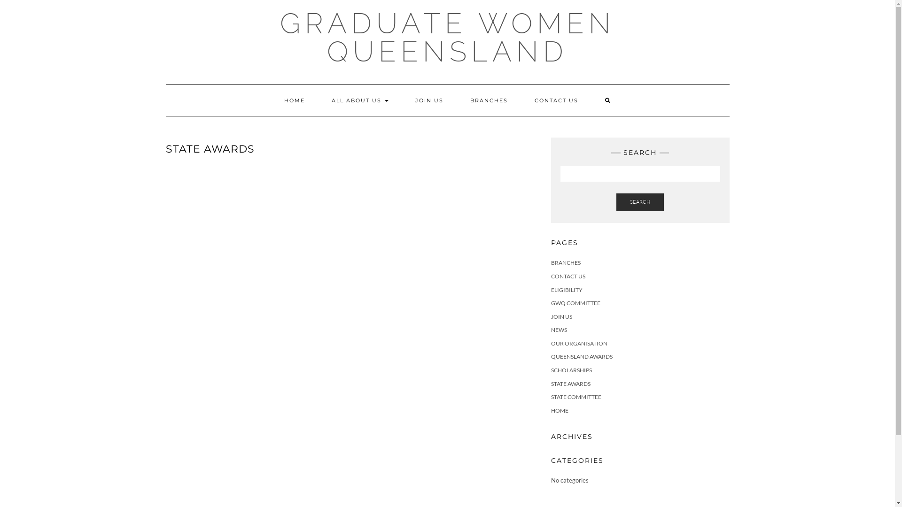  Describe the element at coordinates (567, 276) in the screenshot. I see `'CONTACT US'` at that location.